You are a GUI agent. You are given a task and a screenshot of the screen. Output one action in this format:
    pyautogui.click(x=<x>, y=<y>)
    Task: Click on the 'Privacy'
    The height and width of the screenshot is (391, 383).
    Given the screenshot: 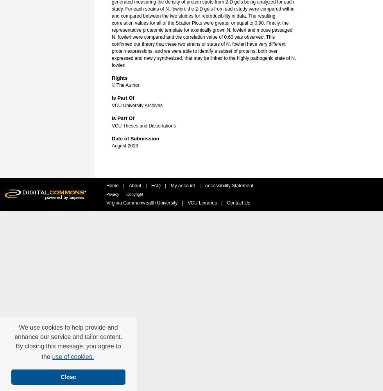 What is the action you would take?
    pyautogui.click(x=113, y=194)
    